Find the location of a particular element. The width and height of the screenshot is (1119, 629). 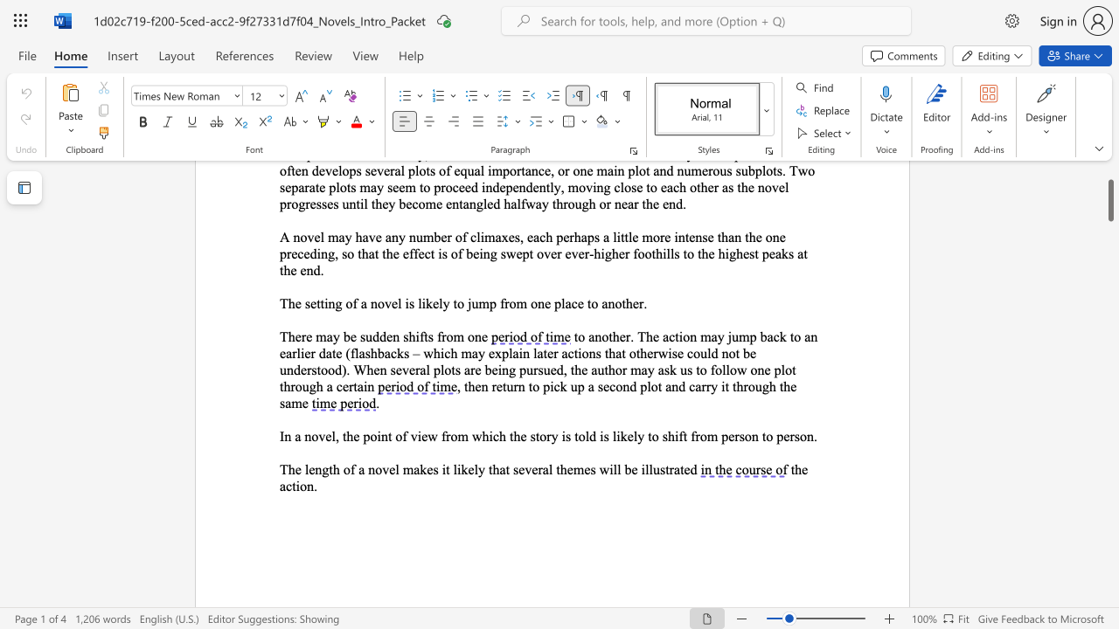

the scrollbar and move down 2850 pixels is located at coordinates (1109, 199).